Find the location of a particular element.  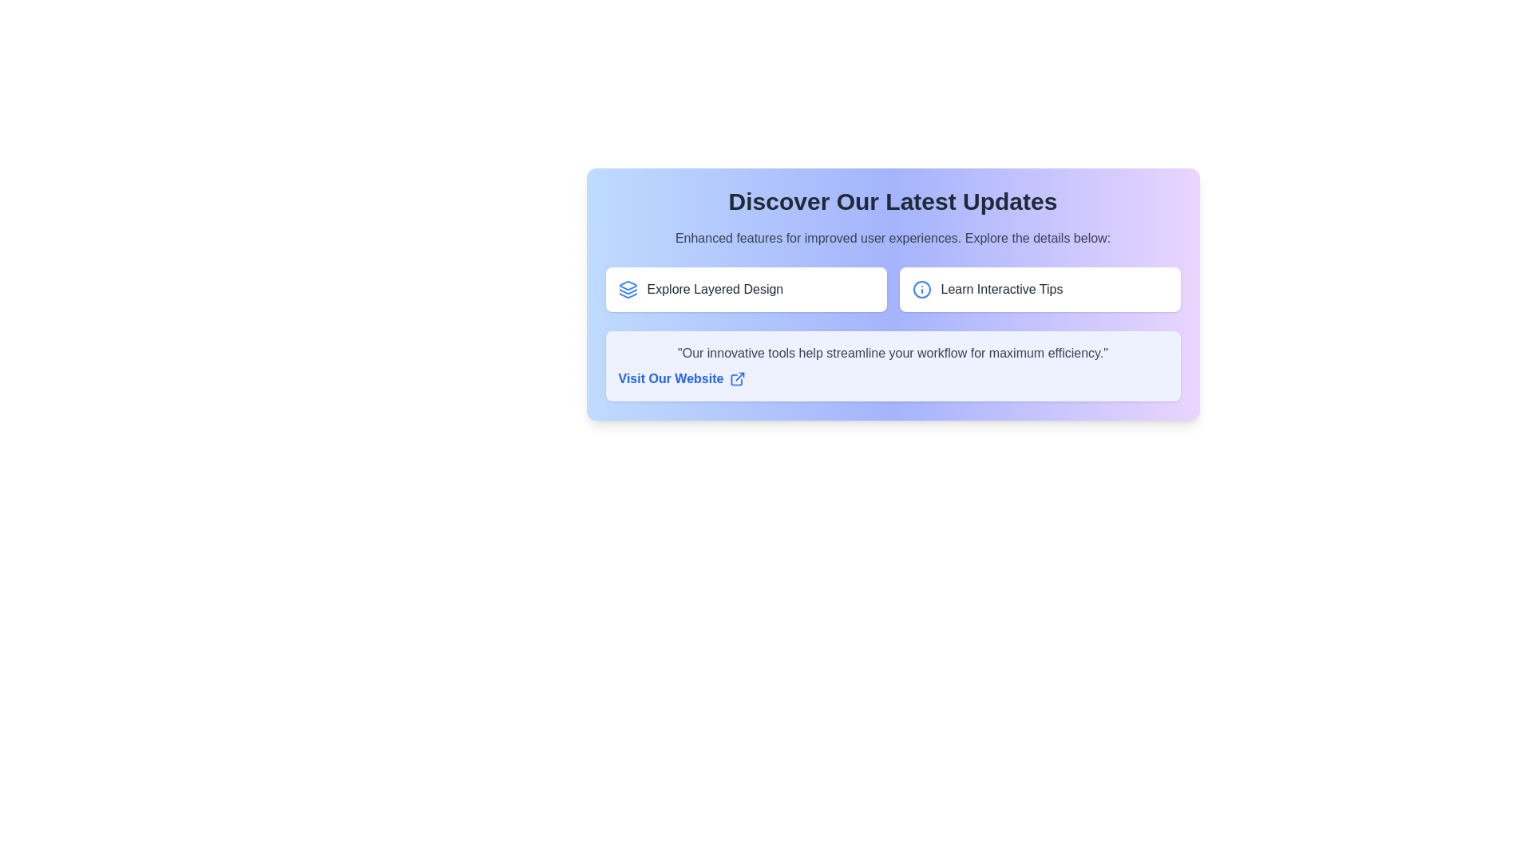

the interactive blue hyperlink text 'Visit Our Website' is located at coordinates (892, 366).